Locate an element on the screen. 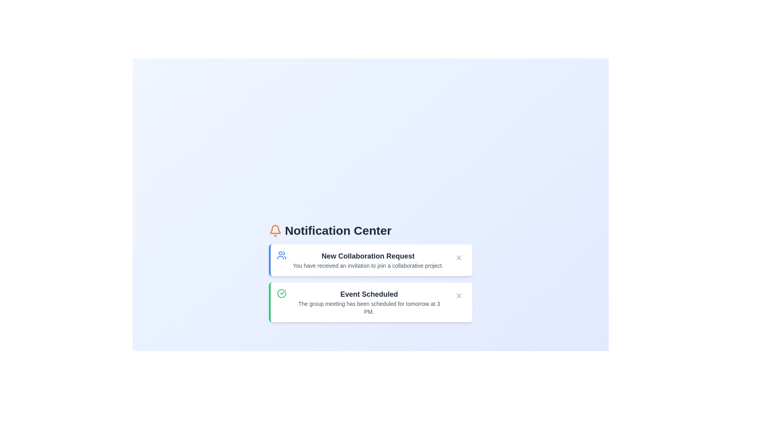 The image size is (763, 429). the Notification card titled 'Event Scheduled' that contains the description 'The group meeting has been scheduled for tomorrow at 3 PM.' is located at coordinates (368, 302).